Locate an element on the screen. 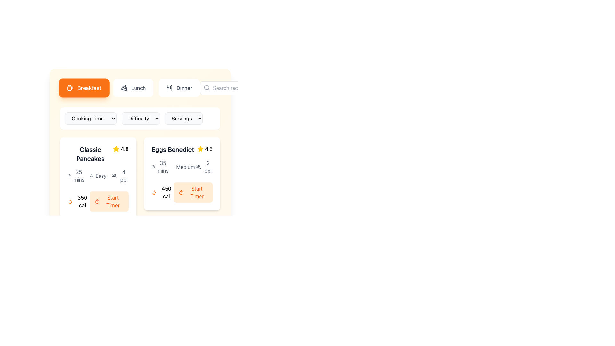 The width and height of the screenshot is (615, 346). the text label with an icon that indicates the estimated serving size of the recipe, which serves 2 people, located in the bottom-right section of the Eggs Benedict card is located at coordinates (204, 166).